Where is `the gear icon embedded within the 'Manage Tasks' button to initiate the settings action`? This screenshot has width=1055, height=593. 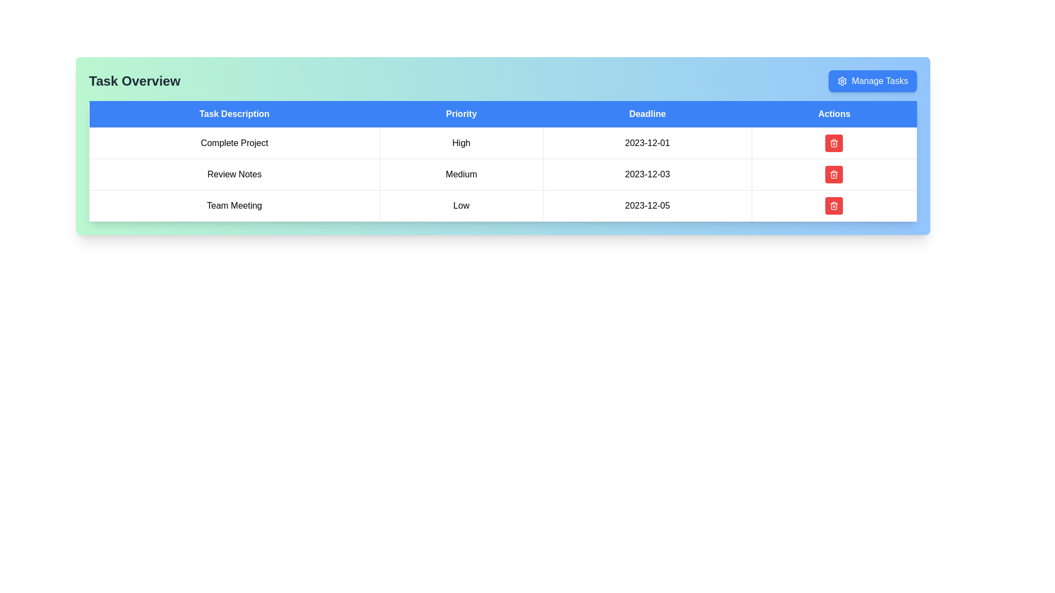 the gear icon embedded within the 'Manage Tasks' button to initiate the settings action is located at coordinates (842, 80).